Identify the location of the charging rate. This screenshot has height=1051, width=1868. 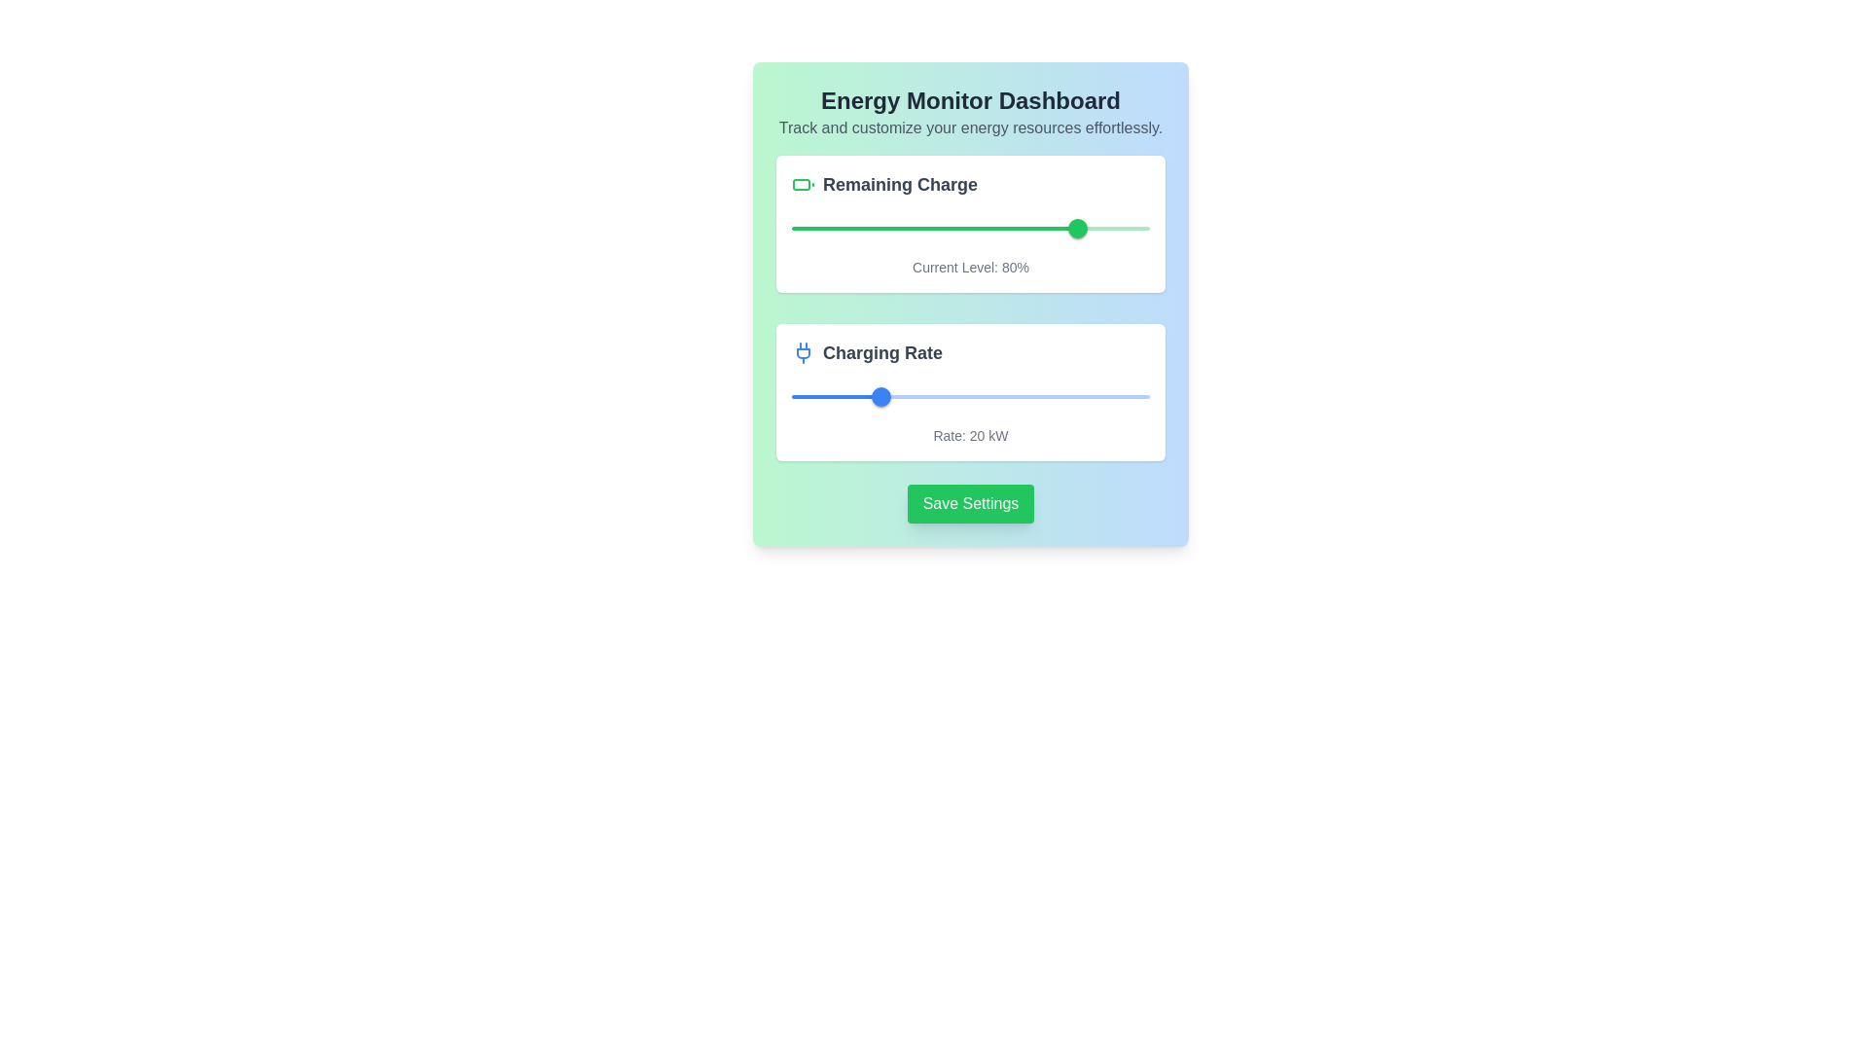
(1096, 396).